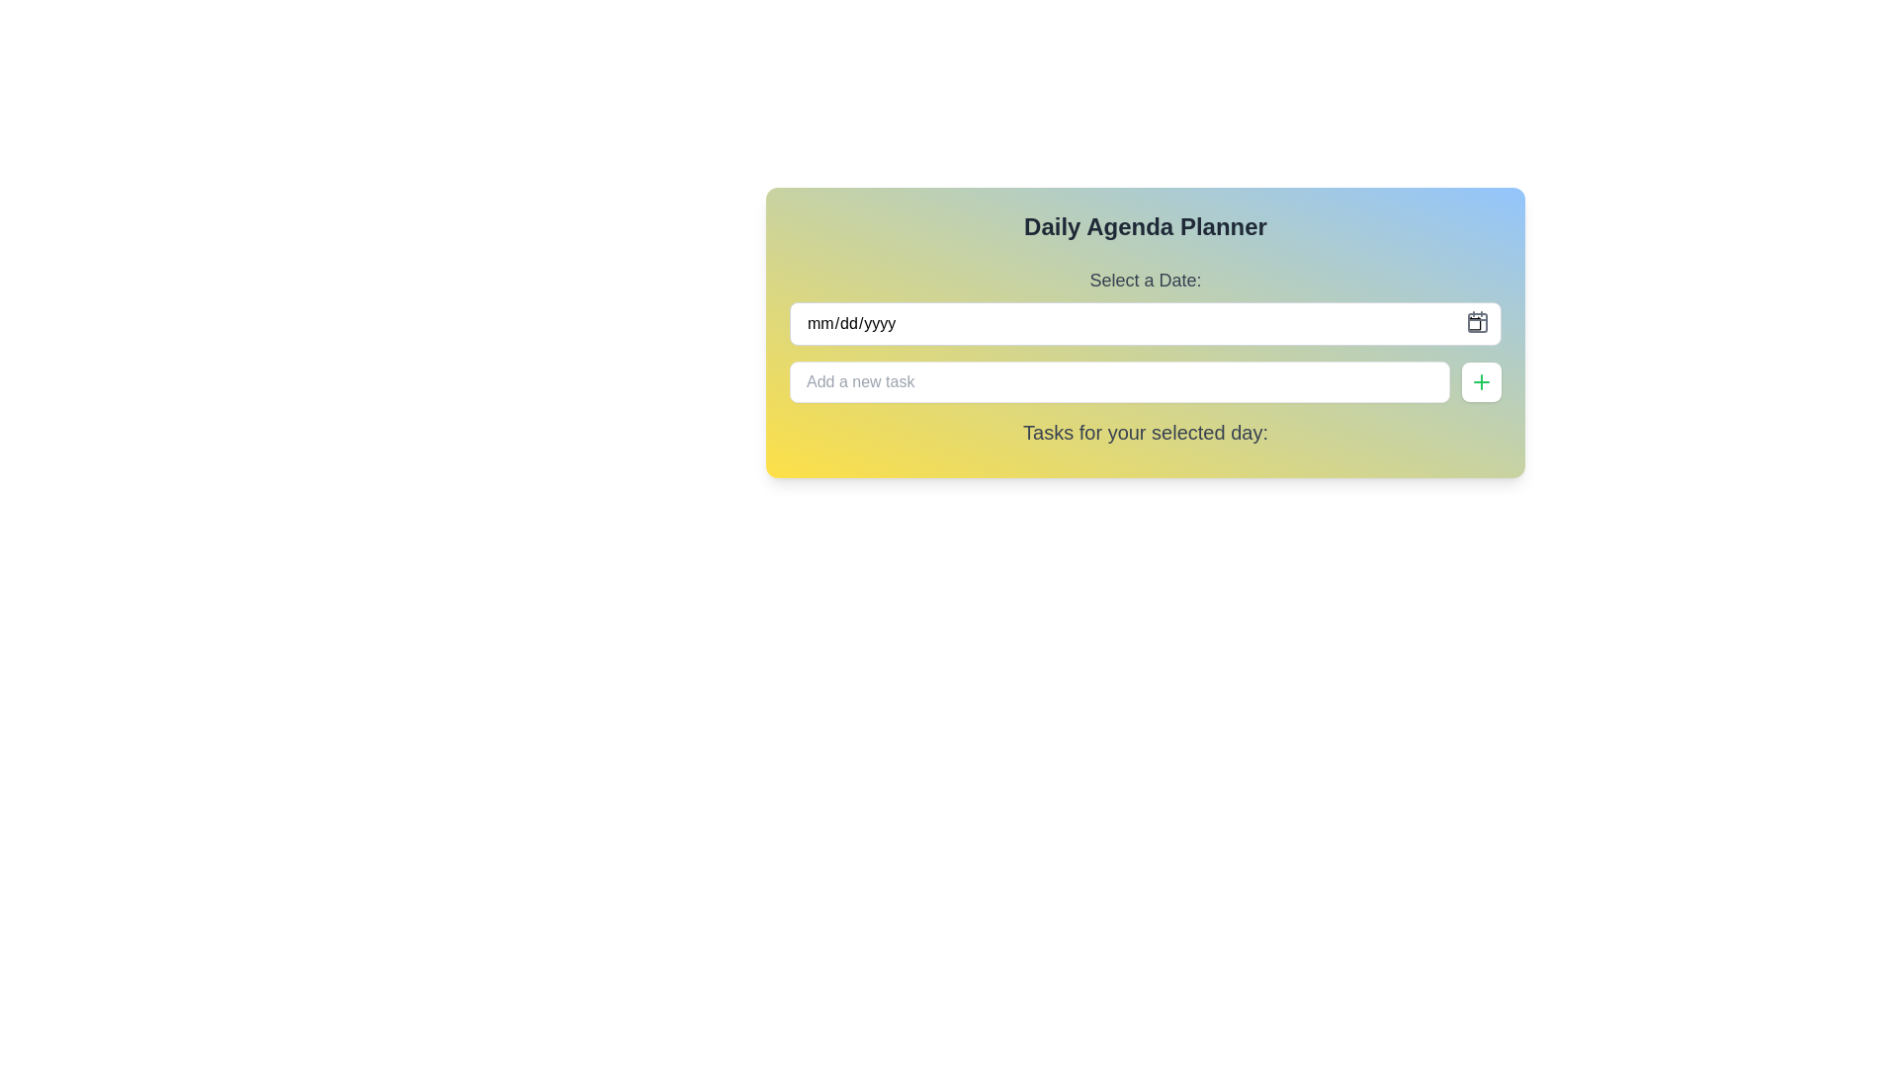 Image resolution: width=1898 pixels, height=1067 pixels. What do you see at coordinates (1477, 321) in the screenshot?
I see `the calendar icon located at the far right inside the date input field` at bounding box center [1477, 321].